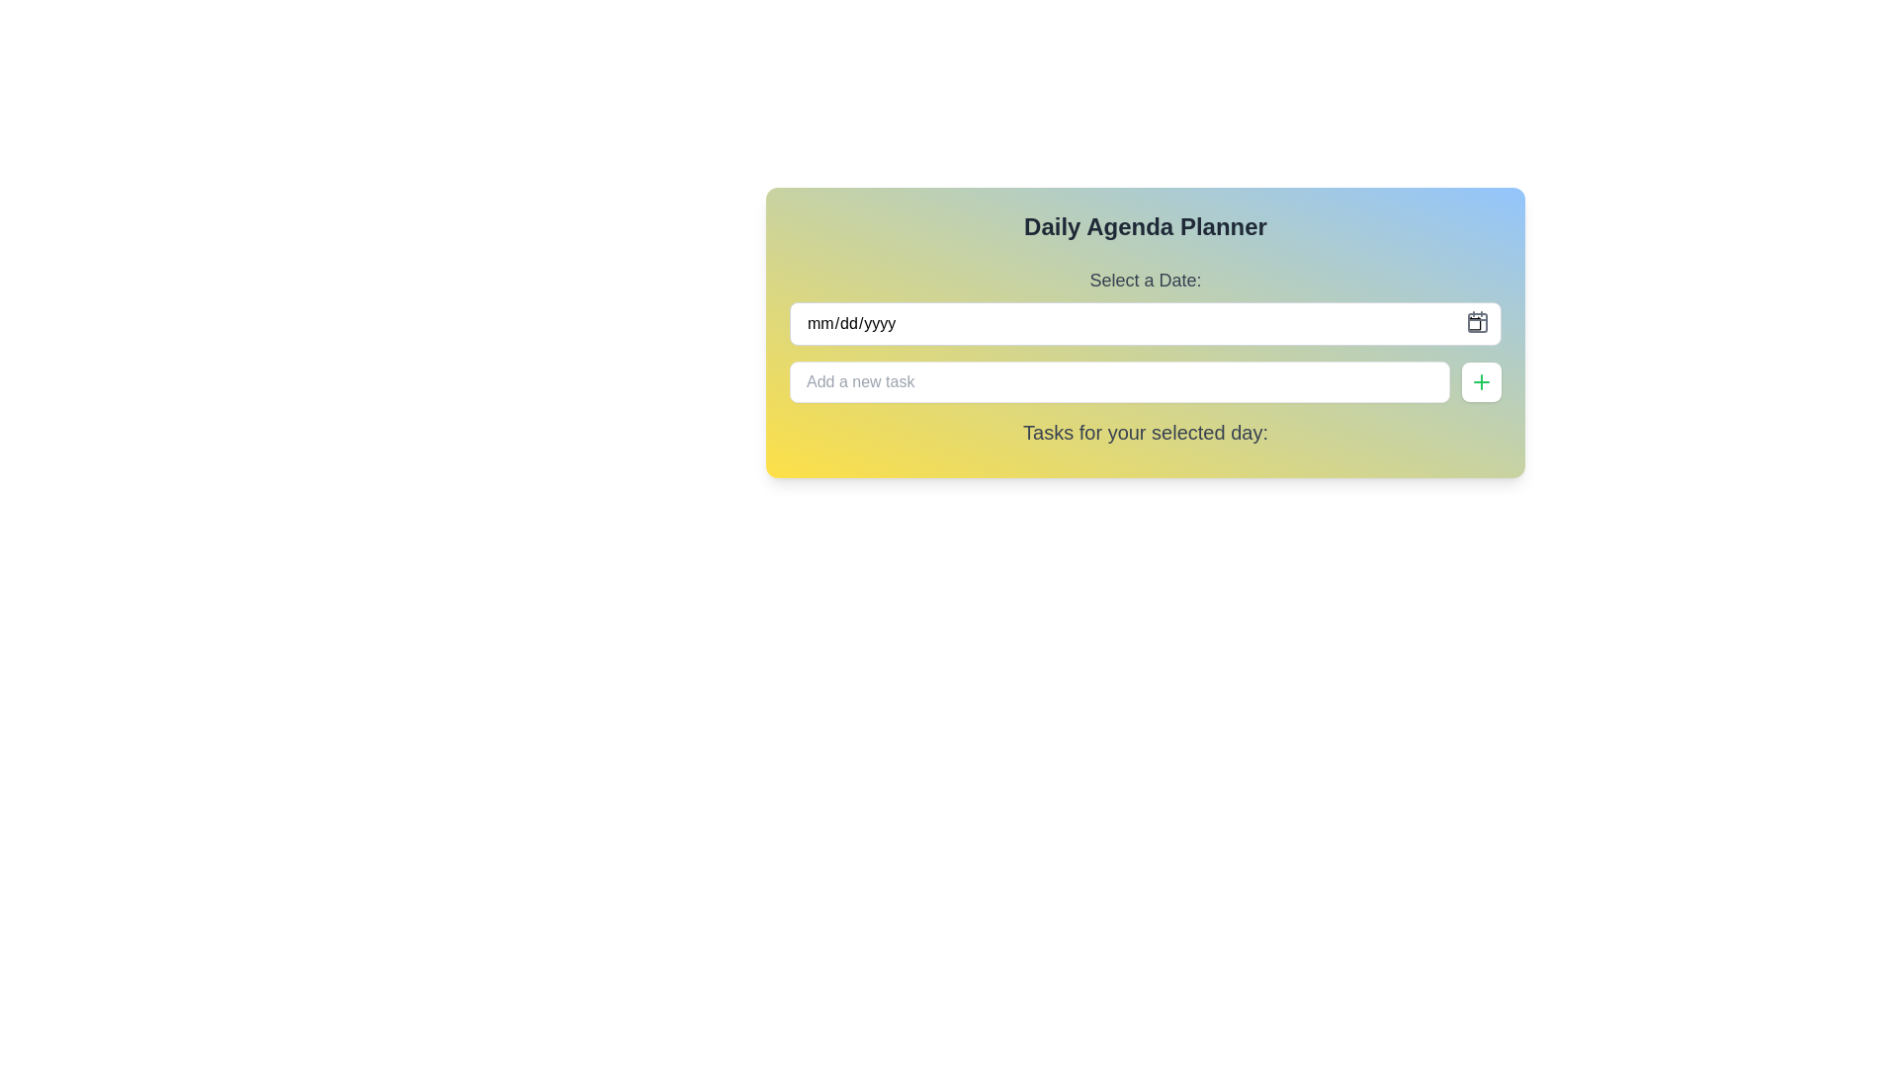 Image resolution: width=1898 pixels, height=1067 pixels. What do you see at coordinates (1477, 321) in the screenshot?
I see `the calendar icon located at the far right inside the date input field` at bounding box center [1477, 321].